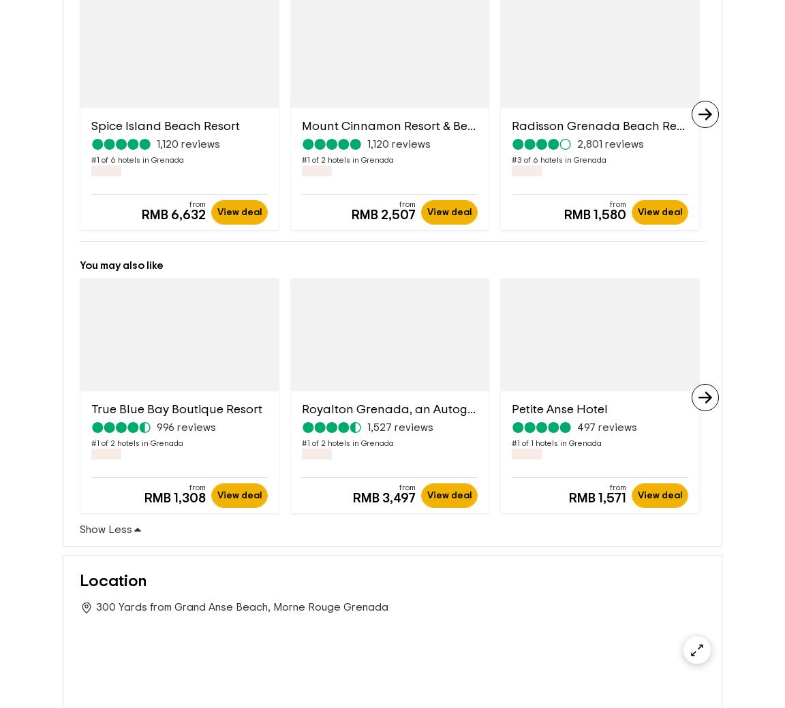 This screenshot has height=708, width=785. Describe the element at coordinates (173, 216) in the screenshot. I see `'RMB 6,632'` at that location.